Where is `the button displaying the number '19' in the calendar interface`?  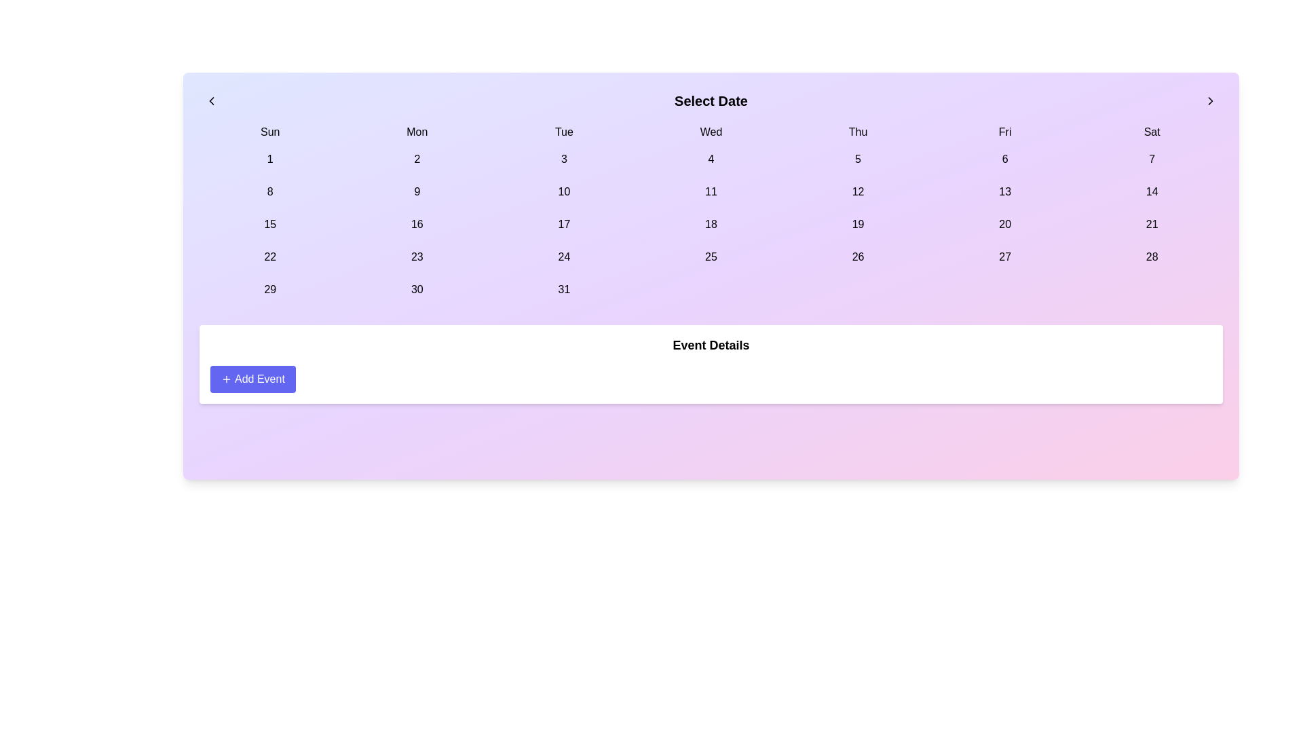 the button displaying the number '19' in the calendar interface is located at coordinates (857, 224).